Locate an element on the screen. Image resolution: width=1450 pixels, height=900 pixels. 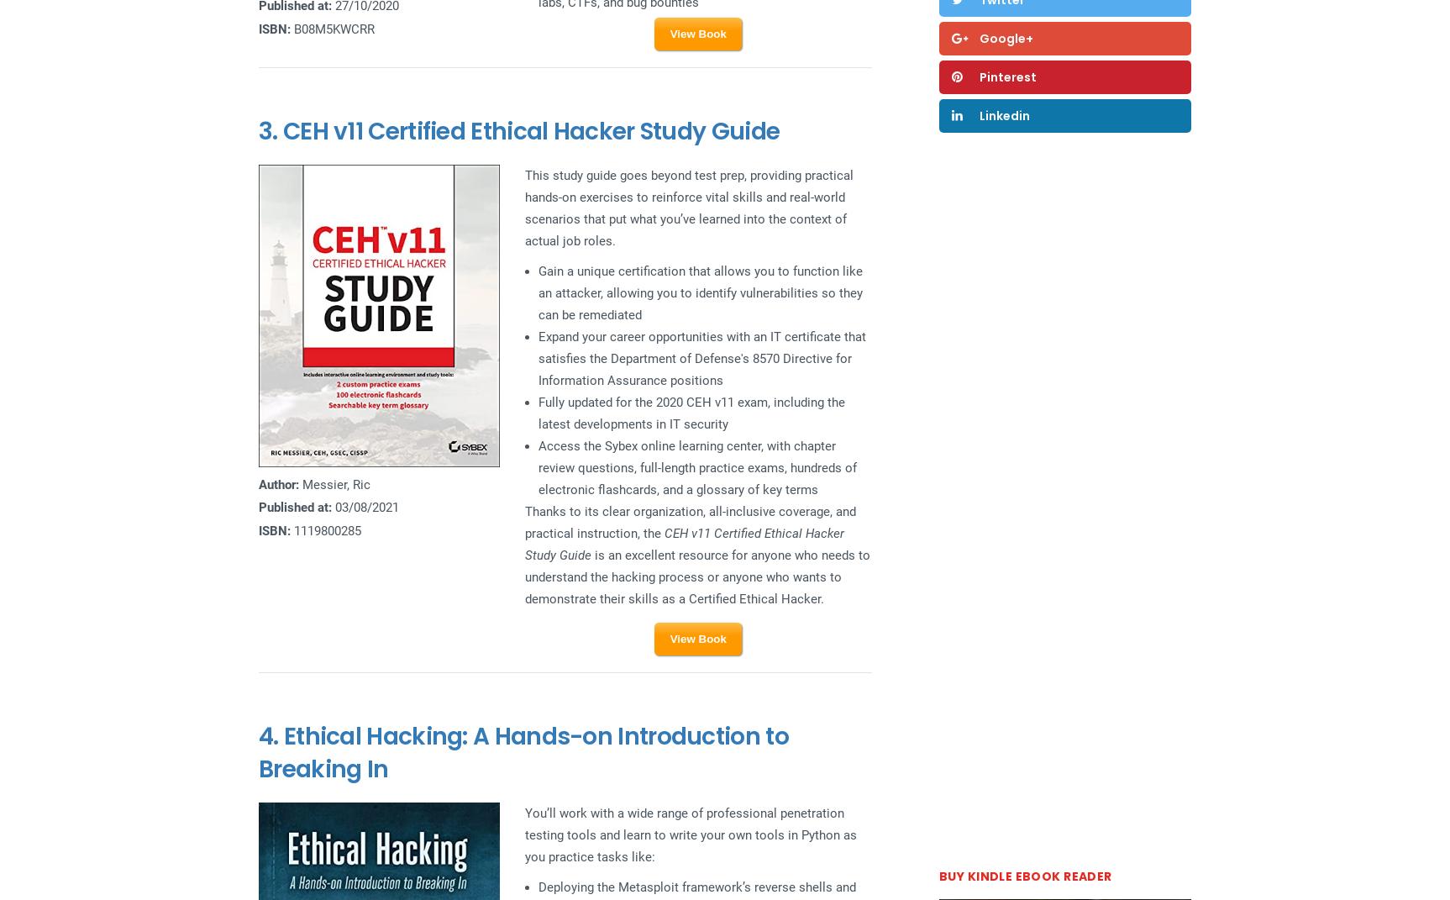
'03/08/2021' is located at coordinates (364, 508).